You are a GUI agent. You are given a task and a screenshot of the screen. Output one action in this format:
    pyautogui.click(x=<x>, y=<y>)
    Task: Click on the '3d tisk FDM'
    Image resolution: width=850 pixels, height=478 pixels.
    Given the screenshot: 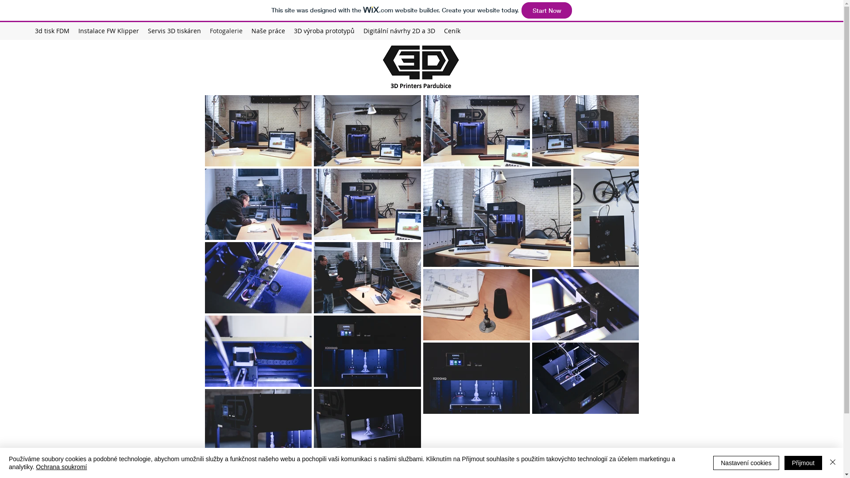 What is the action you would take?
    pyautogui.click(x=52, y=30)
    